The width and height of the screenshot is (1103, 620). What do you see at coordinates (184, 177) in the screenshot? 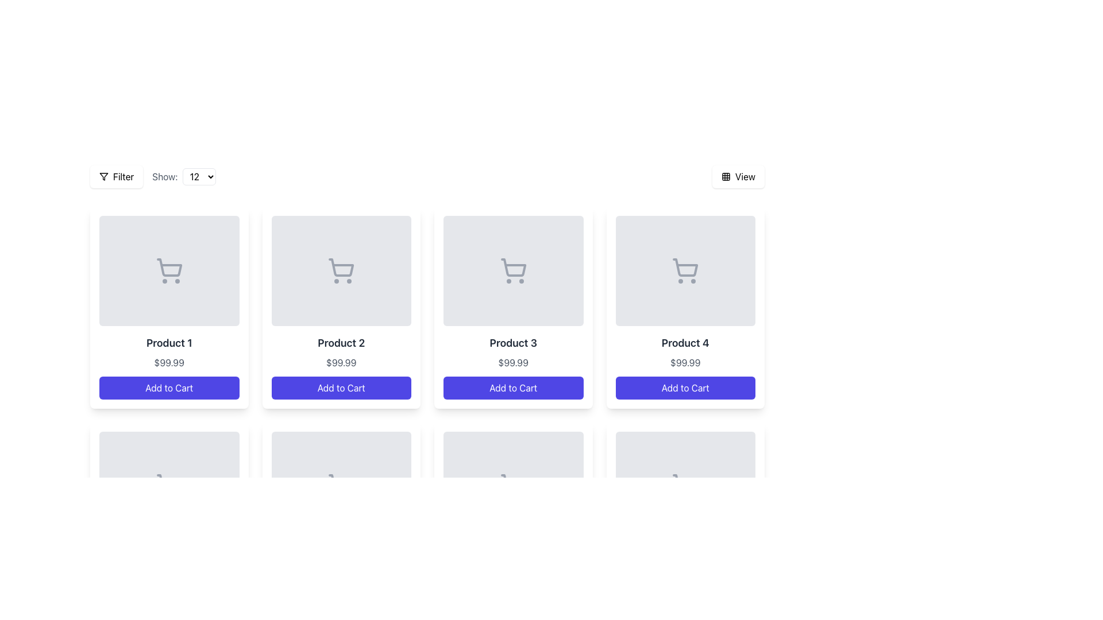
I see `the dropdown arrow of the 'Items` at bounding box center [184, 177].